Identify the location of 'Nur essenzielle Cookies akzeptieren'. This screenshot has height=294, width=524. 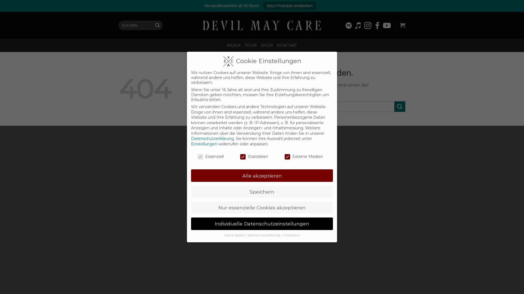
(262, 208).